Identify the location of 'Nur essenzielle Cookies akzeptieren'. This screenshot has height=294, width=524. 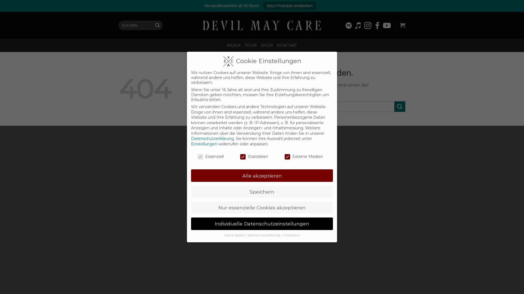
(262, 208).